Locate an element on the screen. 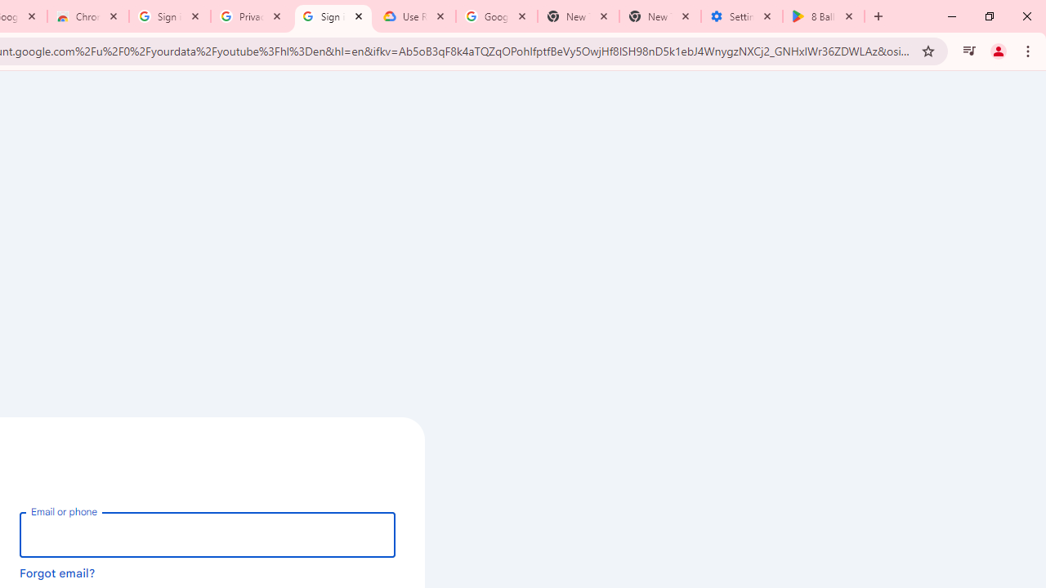 Image resolution: width=1046 pixels, height=588 pixels. 'Forgot email?' is located at coordinates (57, 572).